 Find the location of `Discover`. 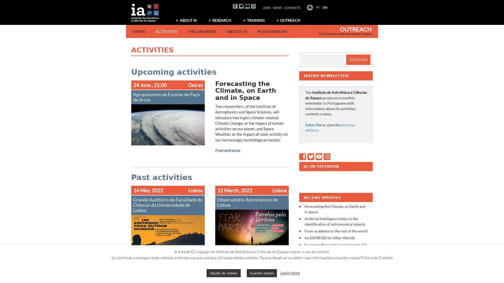

Discover is located at coordinates (358, 59).